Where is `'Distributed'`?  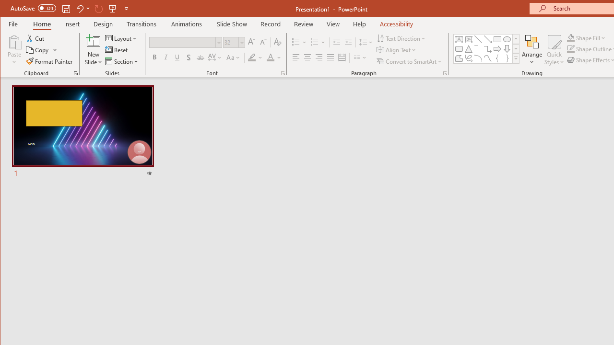
'Distributed' is located at coordinates (342, 57).